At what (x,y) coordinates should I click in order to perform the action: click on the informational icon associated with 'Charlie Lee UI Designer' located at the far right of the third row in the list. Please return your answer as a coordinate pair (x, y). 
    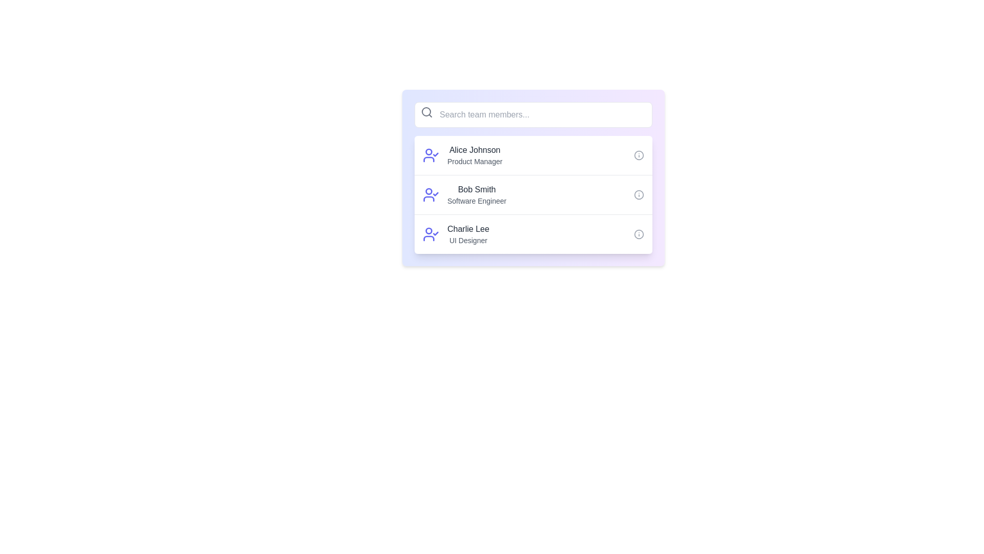
    Looking at the image, I should click on (639, 234).